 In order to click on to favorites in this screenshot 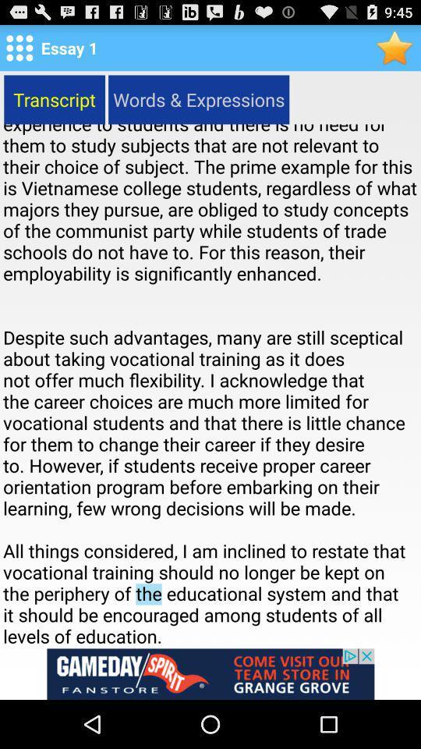, I will do `click(395, 48)`.